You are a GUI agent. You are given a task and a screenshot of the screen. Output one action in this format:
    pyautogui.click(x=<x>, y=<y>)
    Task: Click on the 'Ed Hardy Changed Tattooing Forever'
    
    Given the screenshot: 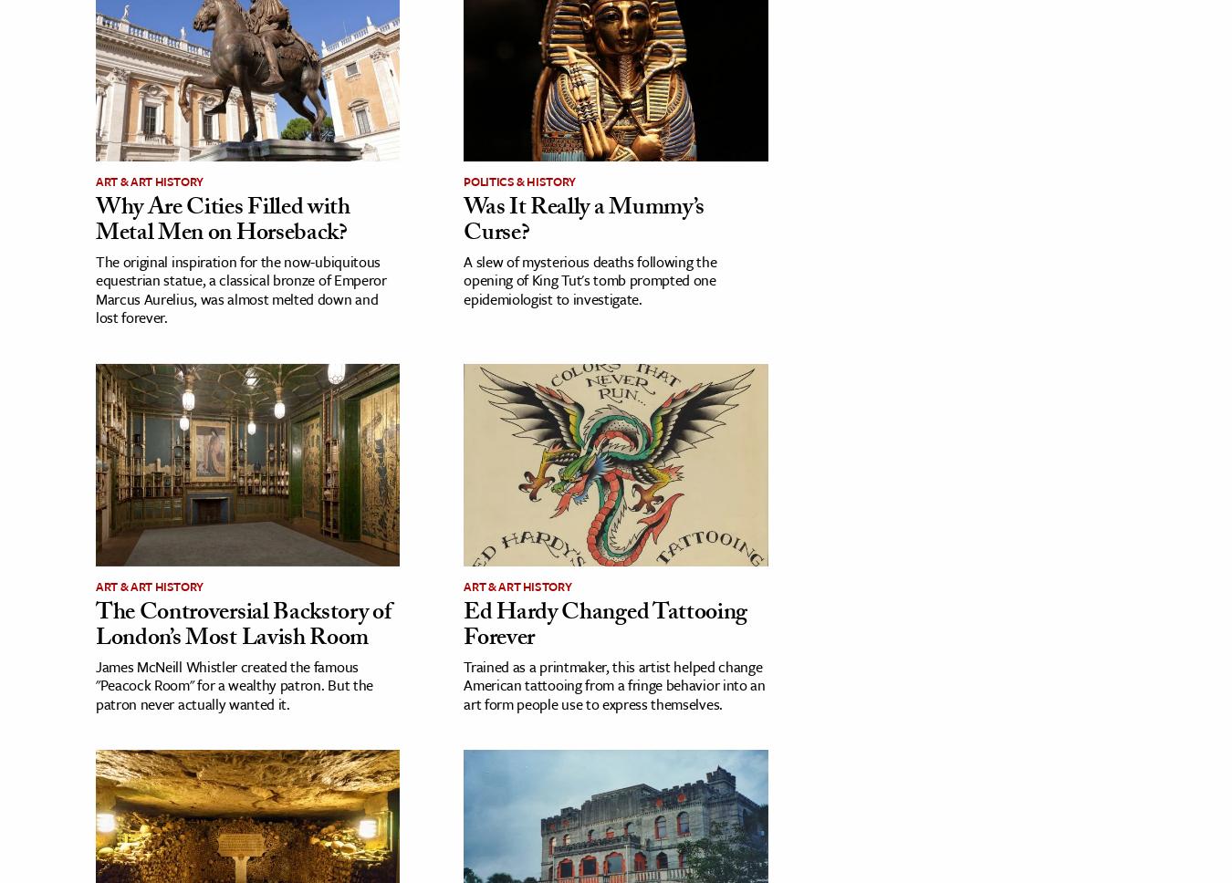 What is the action you would take?
    pyautogui.click(x=605, y=626)
    